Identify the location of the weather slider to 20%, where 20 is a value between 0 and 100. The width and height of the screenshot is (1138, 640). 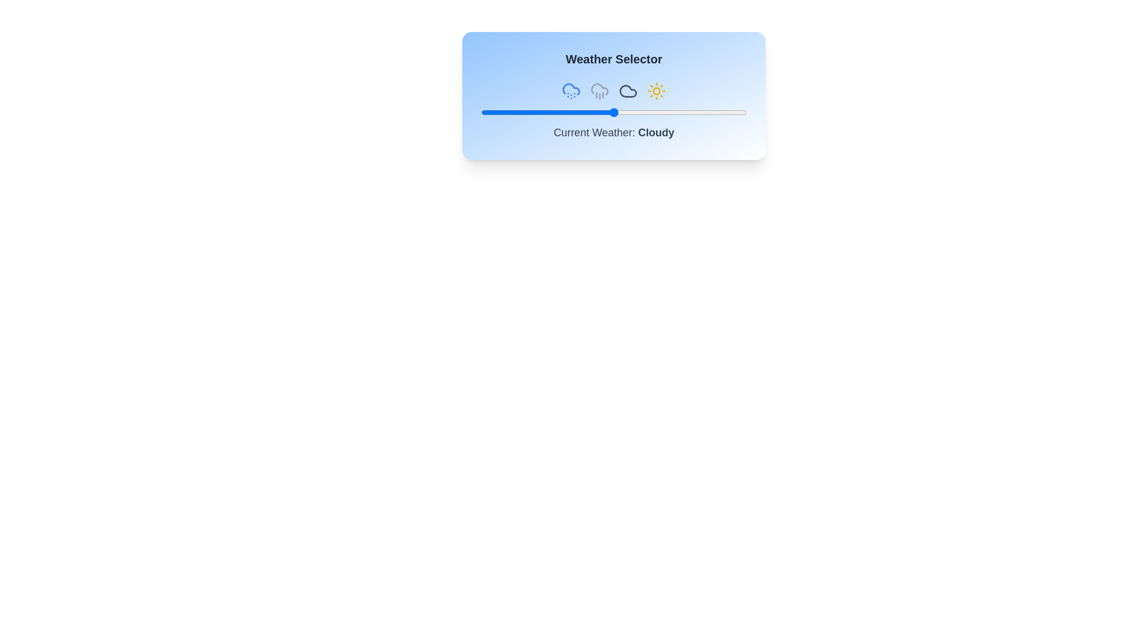
(533, 112).